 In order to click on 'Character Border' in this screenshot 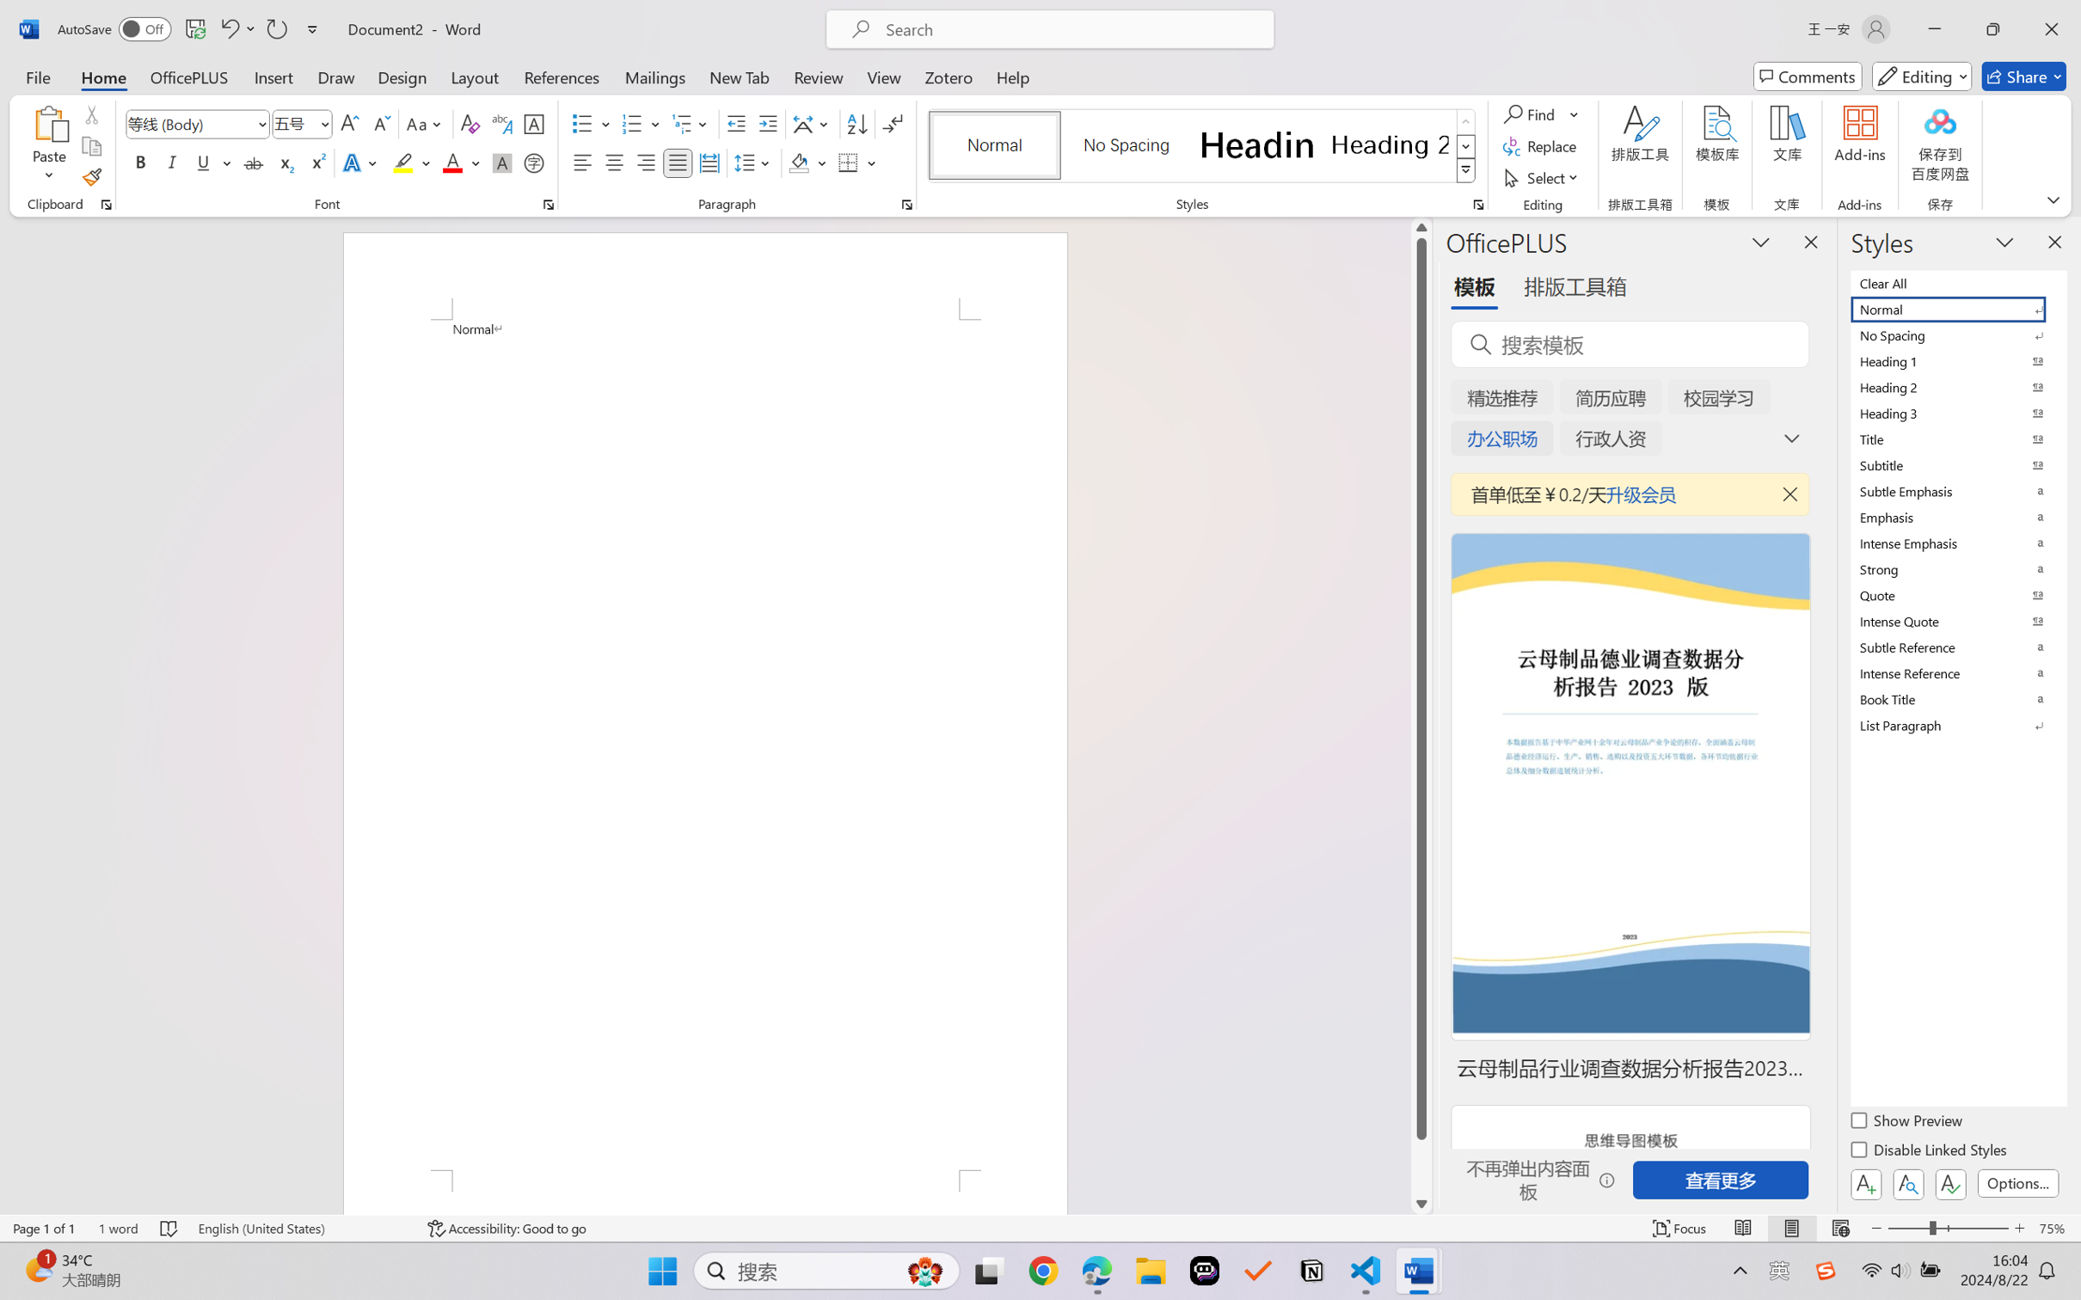, I will do `click(534, 124)`.